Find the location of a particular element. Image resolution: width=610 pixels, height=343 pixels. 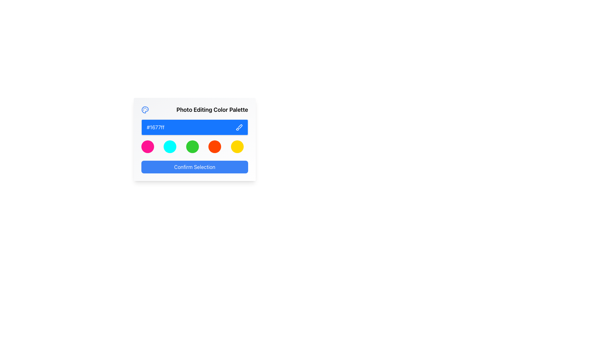

the third circular element in the color palette is located at coordinates (194, 139).